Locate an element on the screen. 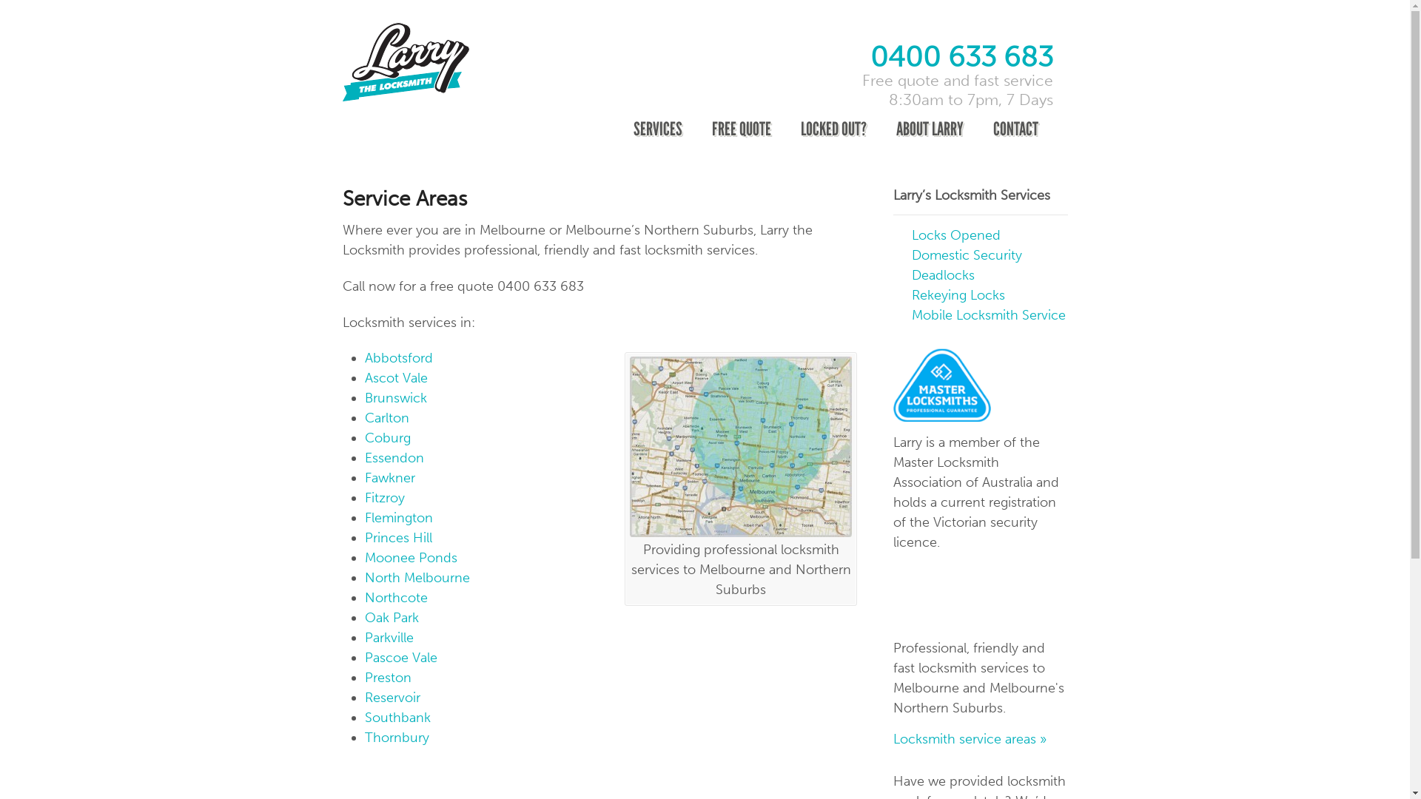 The image size is (1421, 799). 'Abbotsford' is located at coordinates (397, 357).